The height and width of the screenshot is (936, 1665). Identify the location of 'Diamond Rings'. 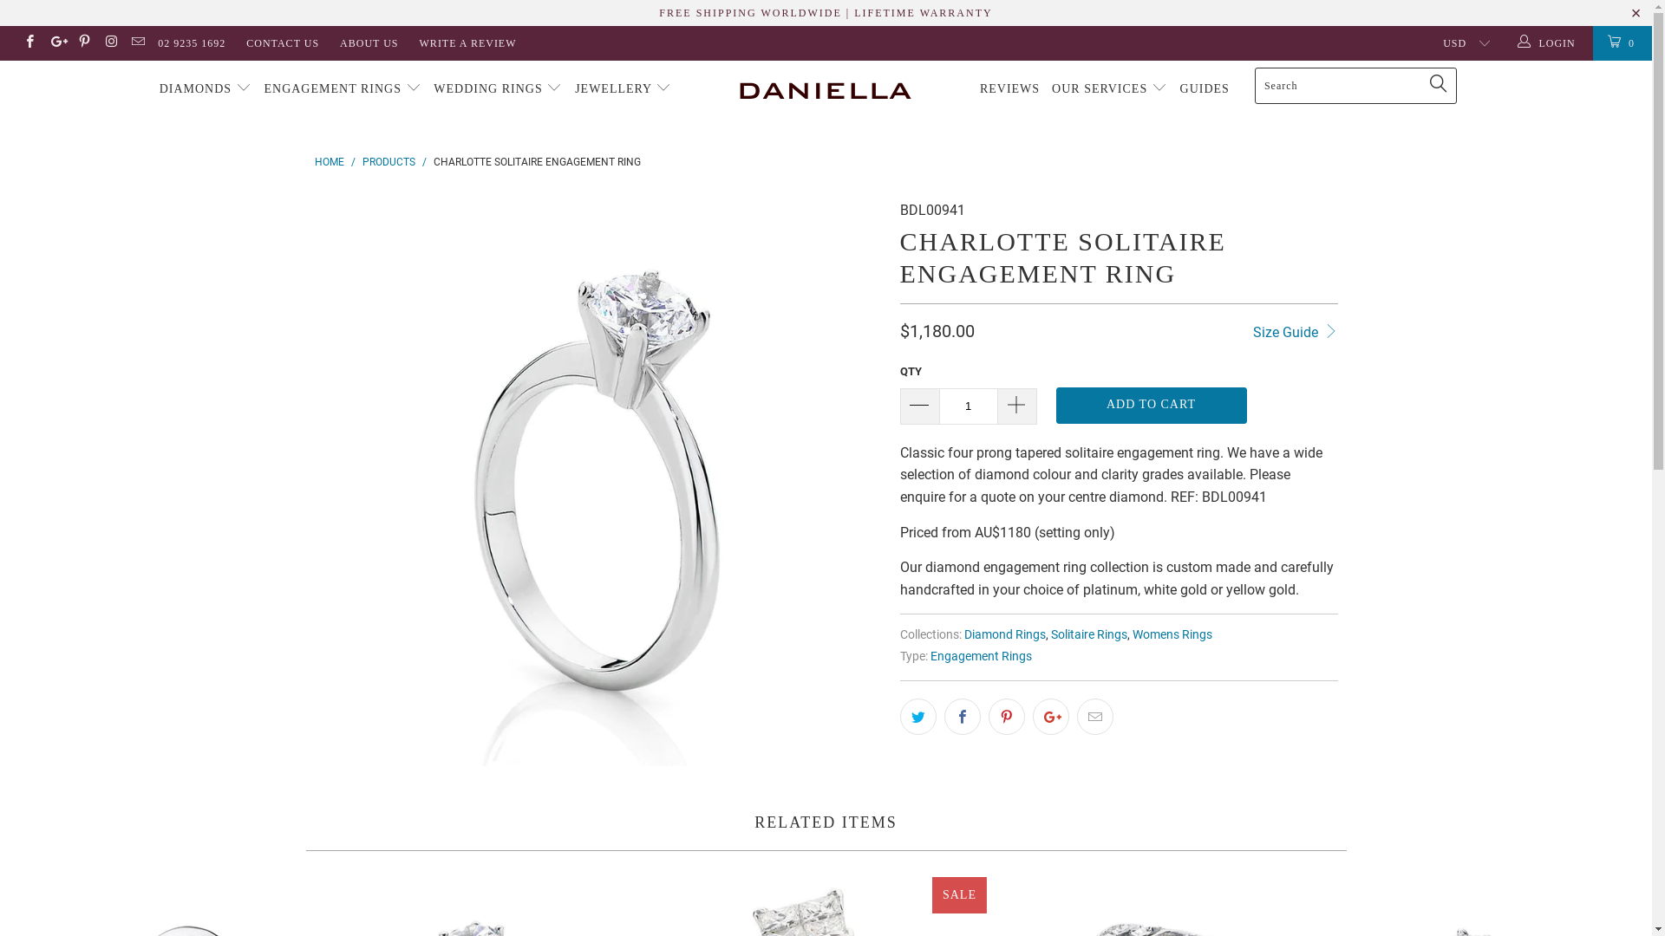
(1004, 634).